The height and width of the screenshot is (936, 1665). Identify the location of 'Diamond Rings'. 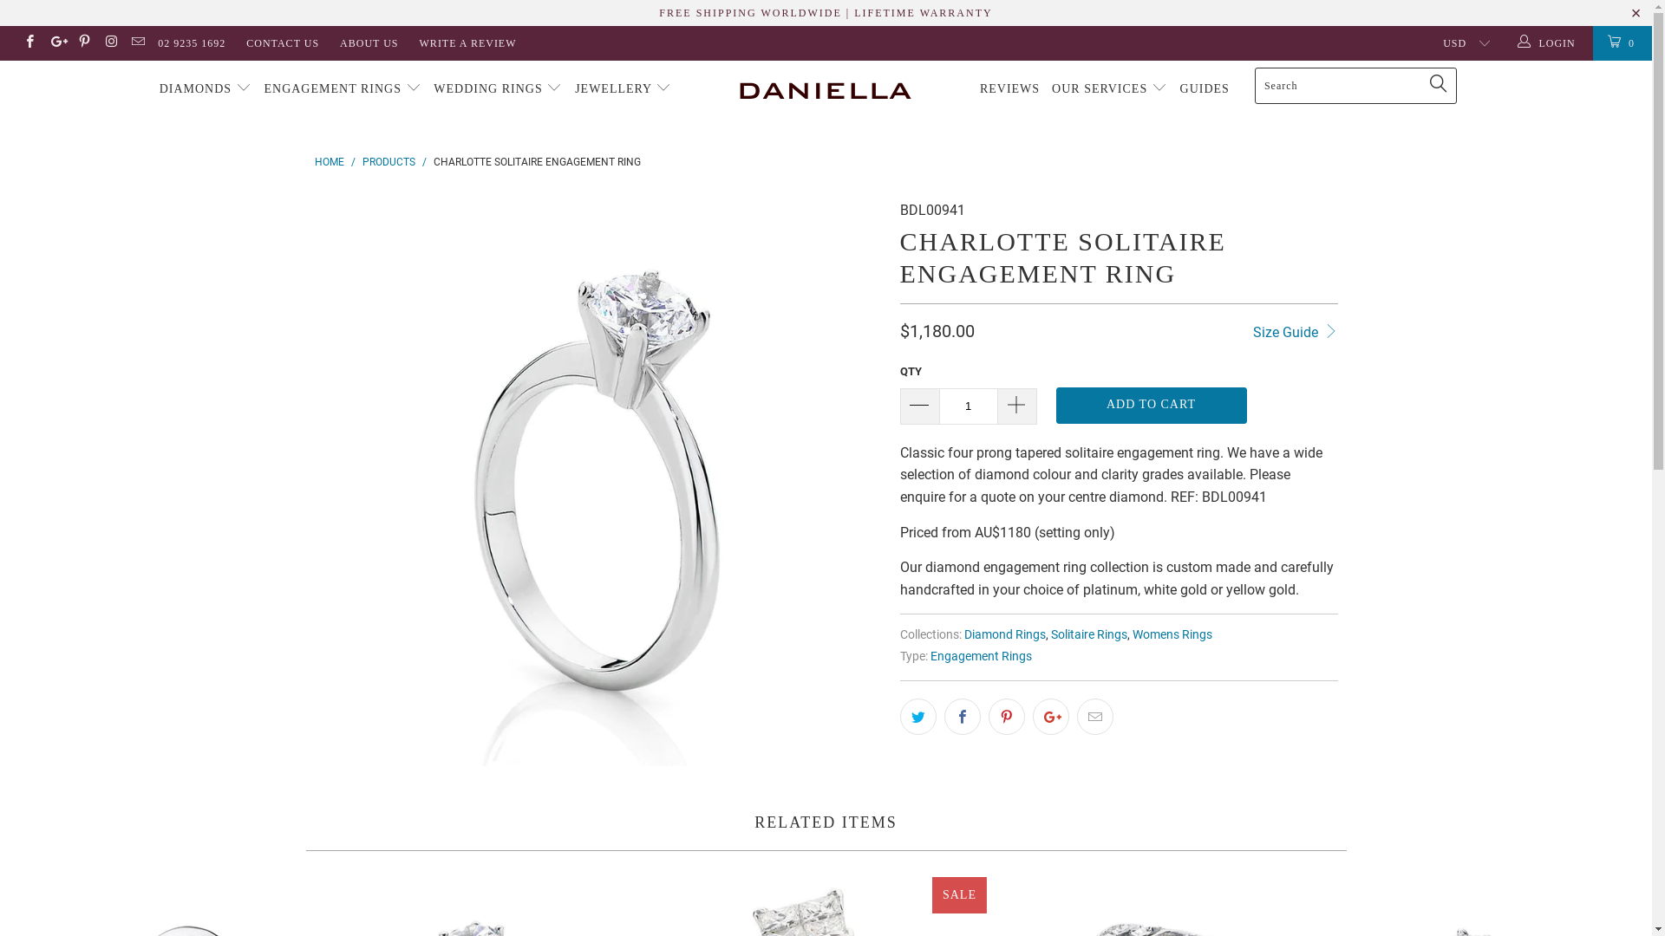
(1004, 634).